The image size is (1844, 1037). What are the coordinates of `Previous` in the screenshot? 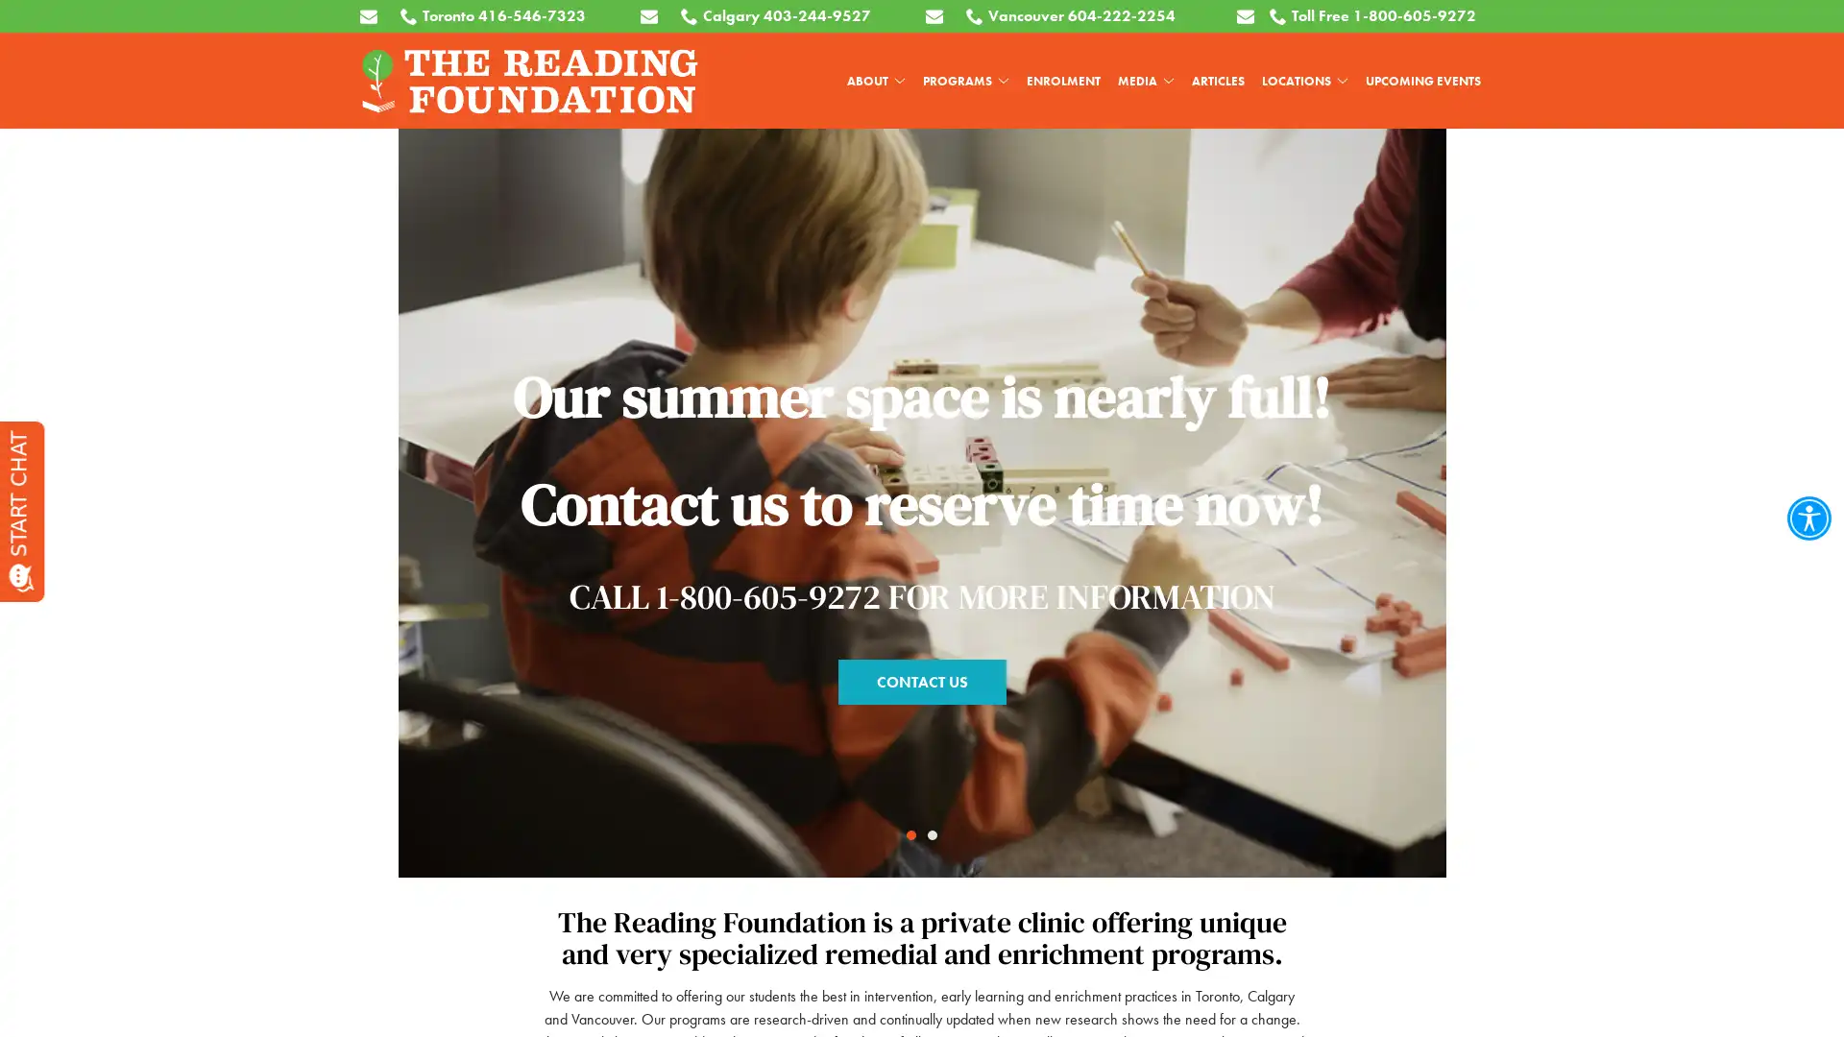 It's located at (54, 466).